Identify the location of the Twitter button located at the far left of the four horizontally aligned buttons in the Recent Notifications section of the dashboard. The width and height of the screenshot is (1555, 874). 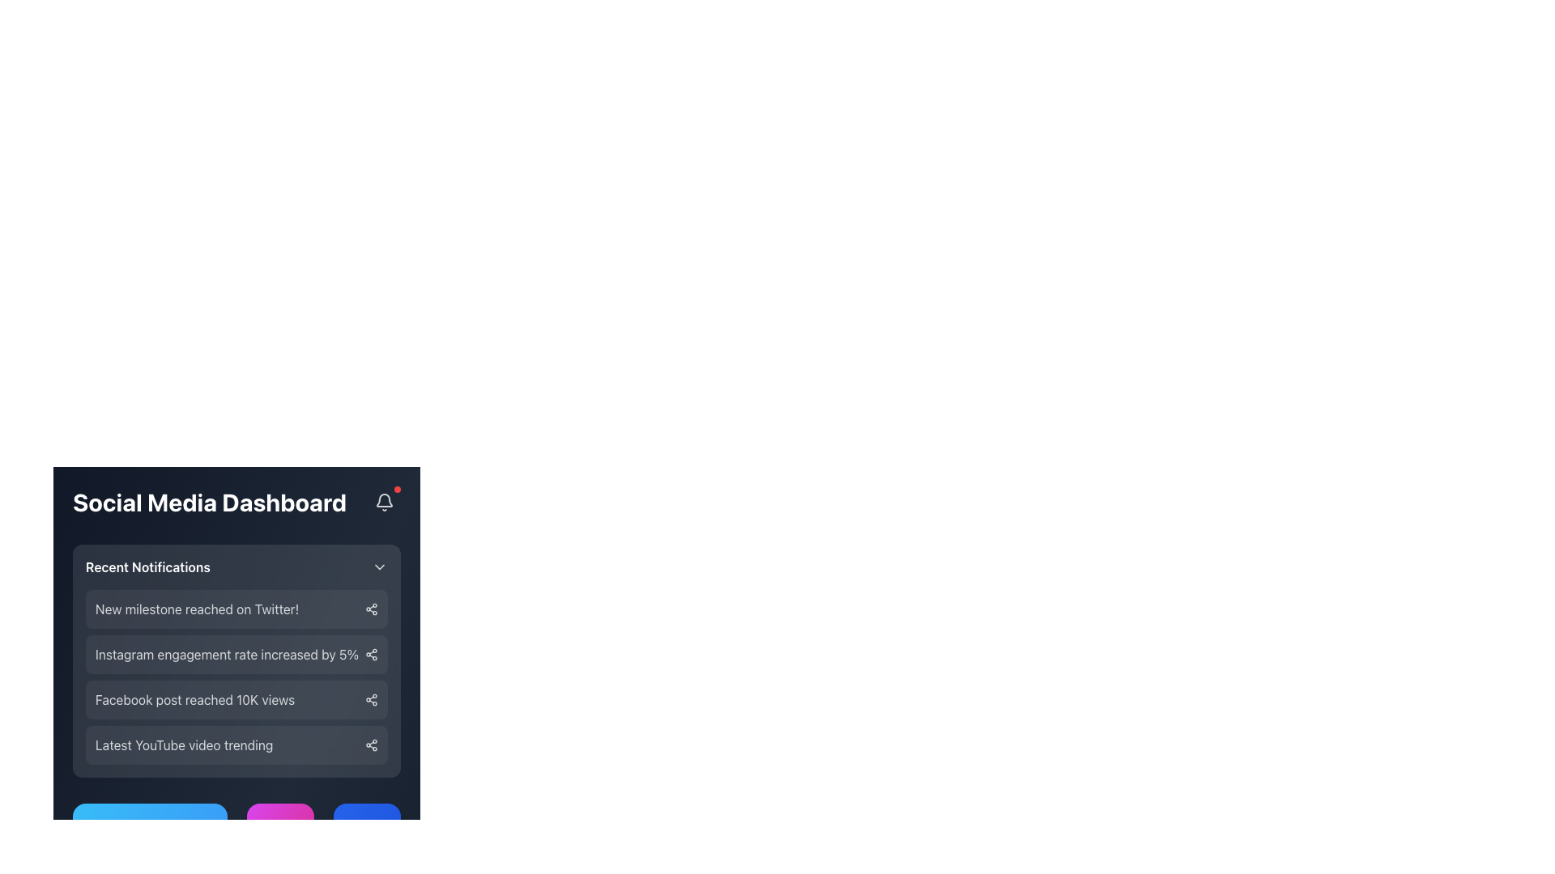
(150, 836).